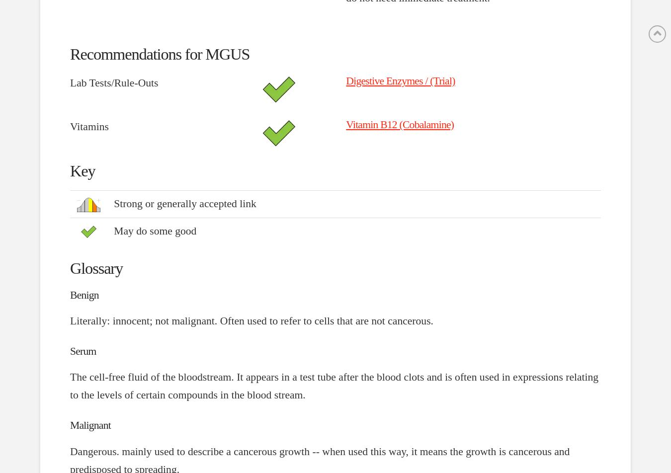 The image size is (671, 473). Describe the element at coordinates (251, 320) in the screenshot. I see `'Literally: innocent; not malignant. Often used to refer to cells that are not cancerous.'` at that location.